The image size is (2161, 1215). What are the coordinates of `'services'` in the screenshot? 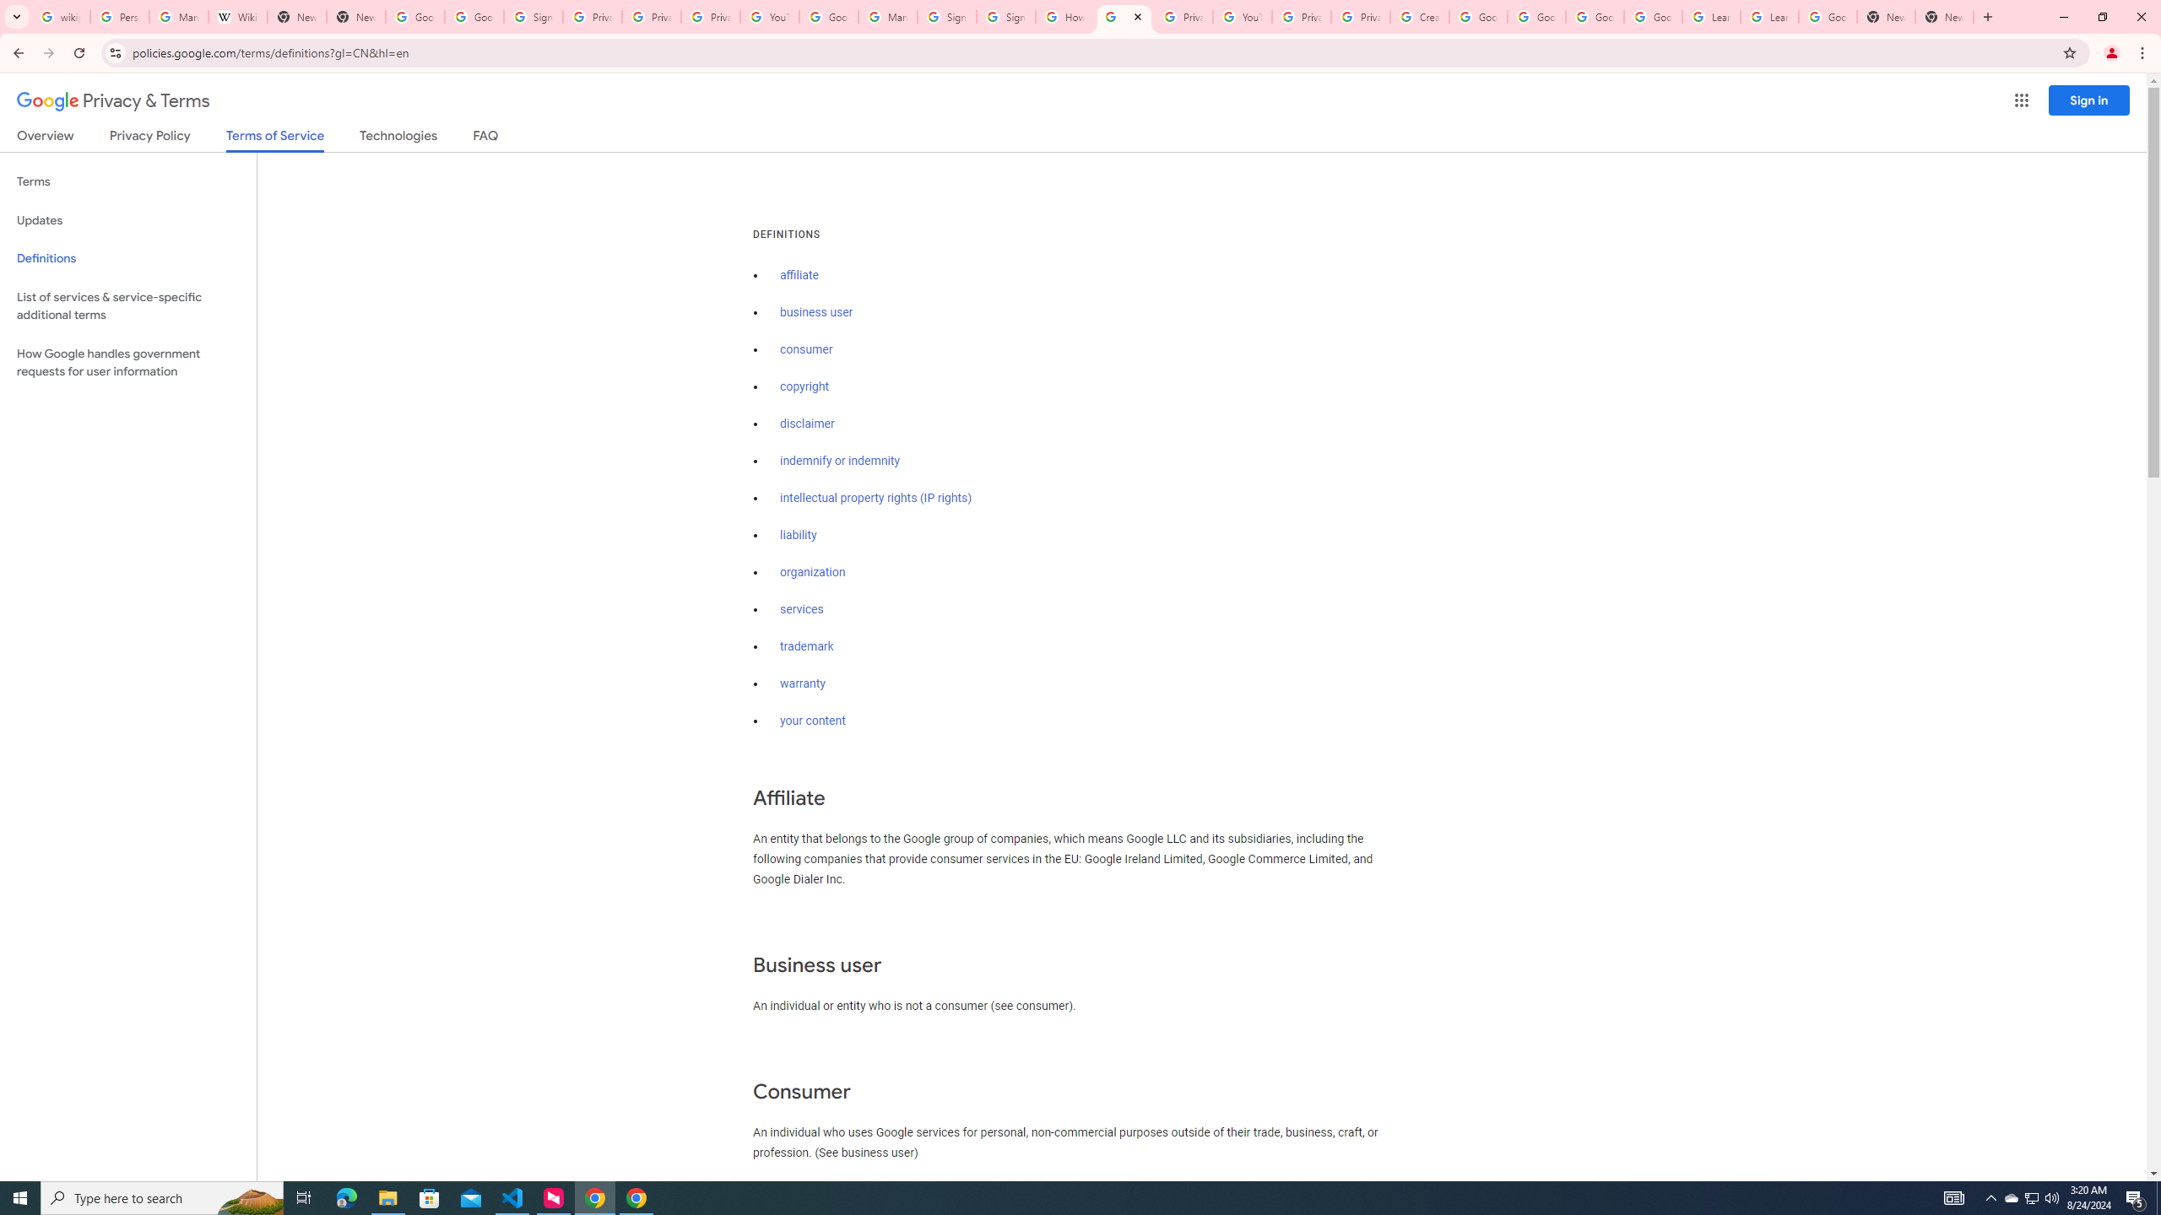 It's located at (801, 608).